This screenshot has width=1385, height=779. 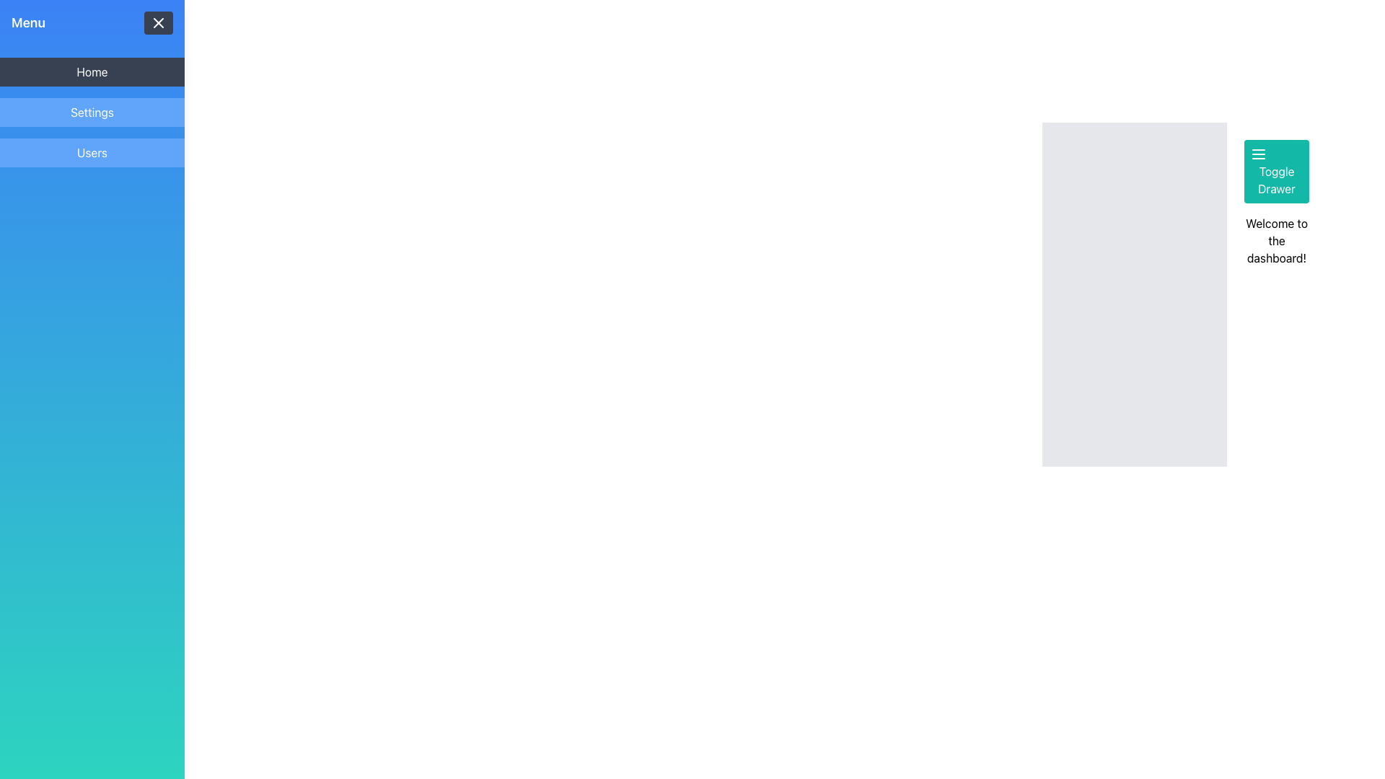 I want to click on the close icon button located at the top-right corner of the navigation panel, so click(x=159, y=22).